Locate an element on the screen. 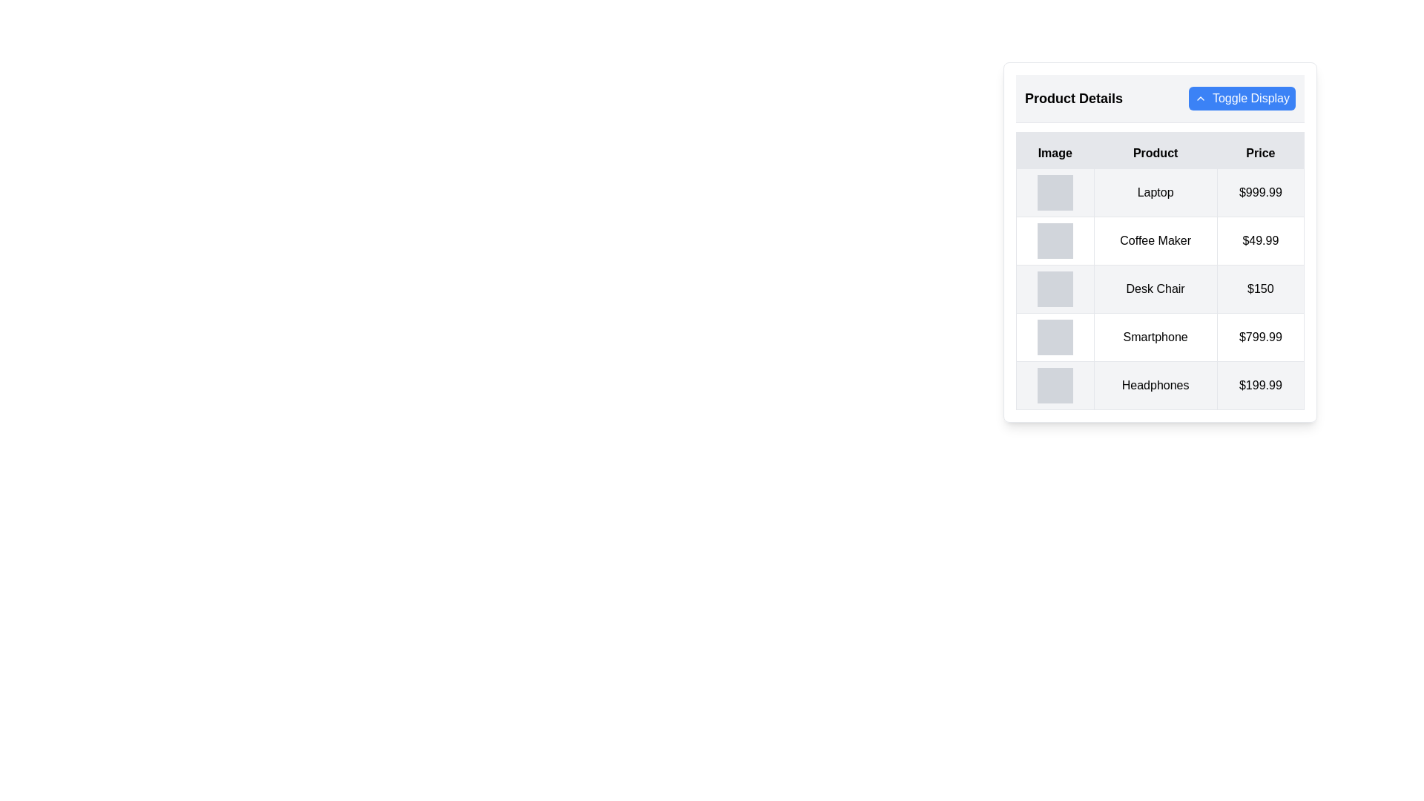 The height and width of the screenshot is (801, 1424). the 'Product Details' text label, which is displayed in bold and large font within a light gray background header bar at the top of the product table layout is located at coordinates (1074, 98).